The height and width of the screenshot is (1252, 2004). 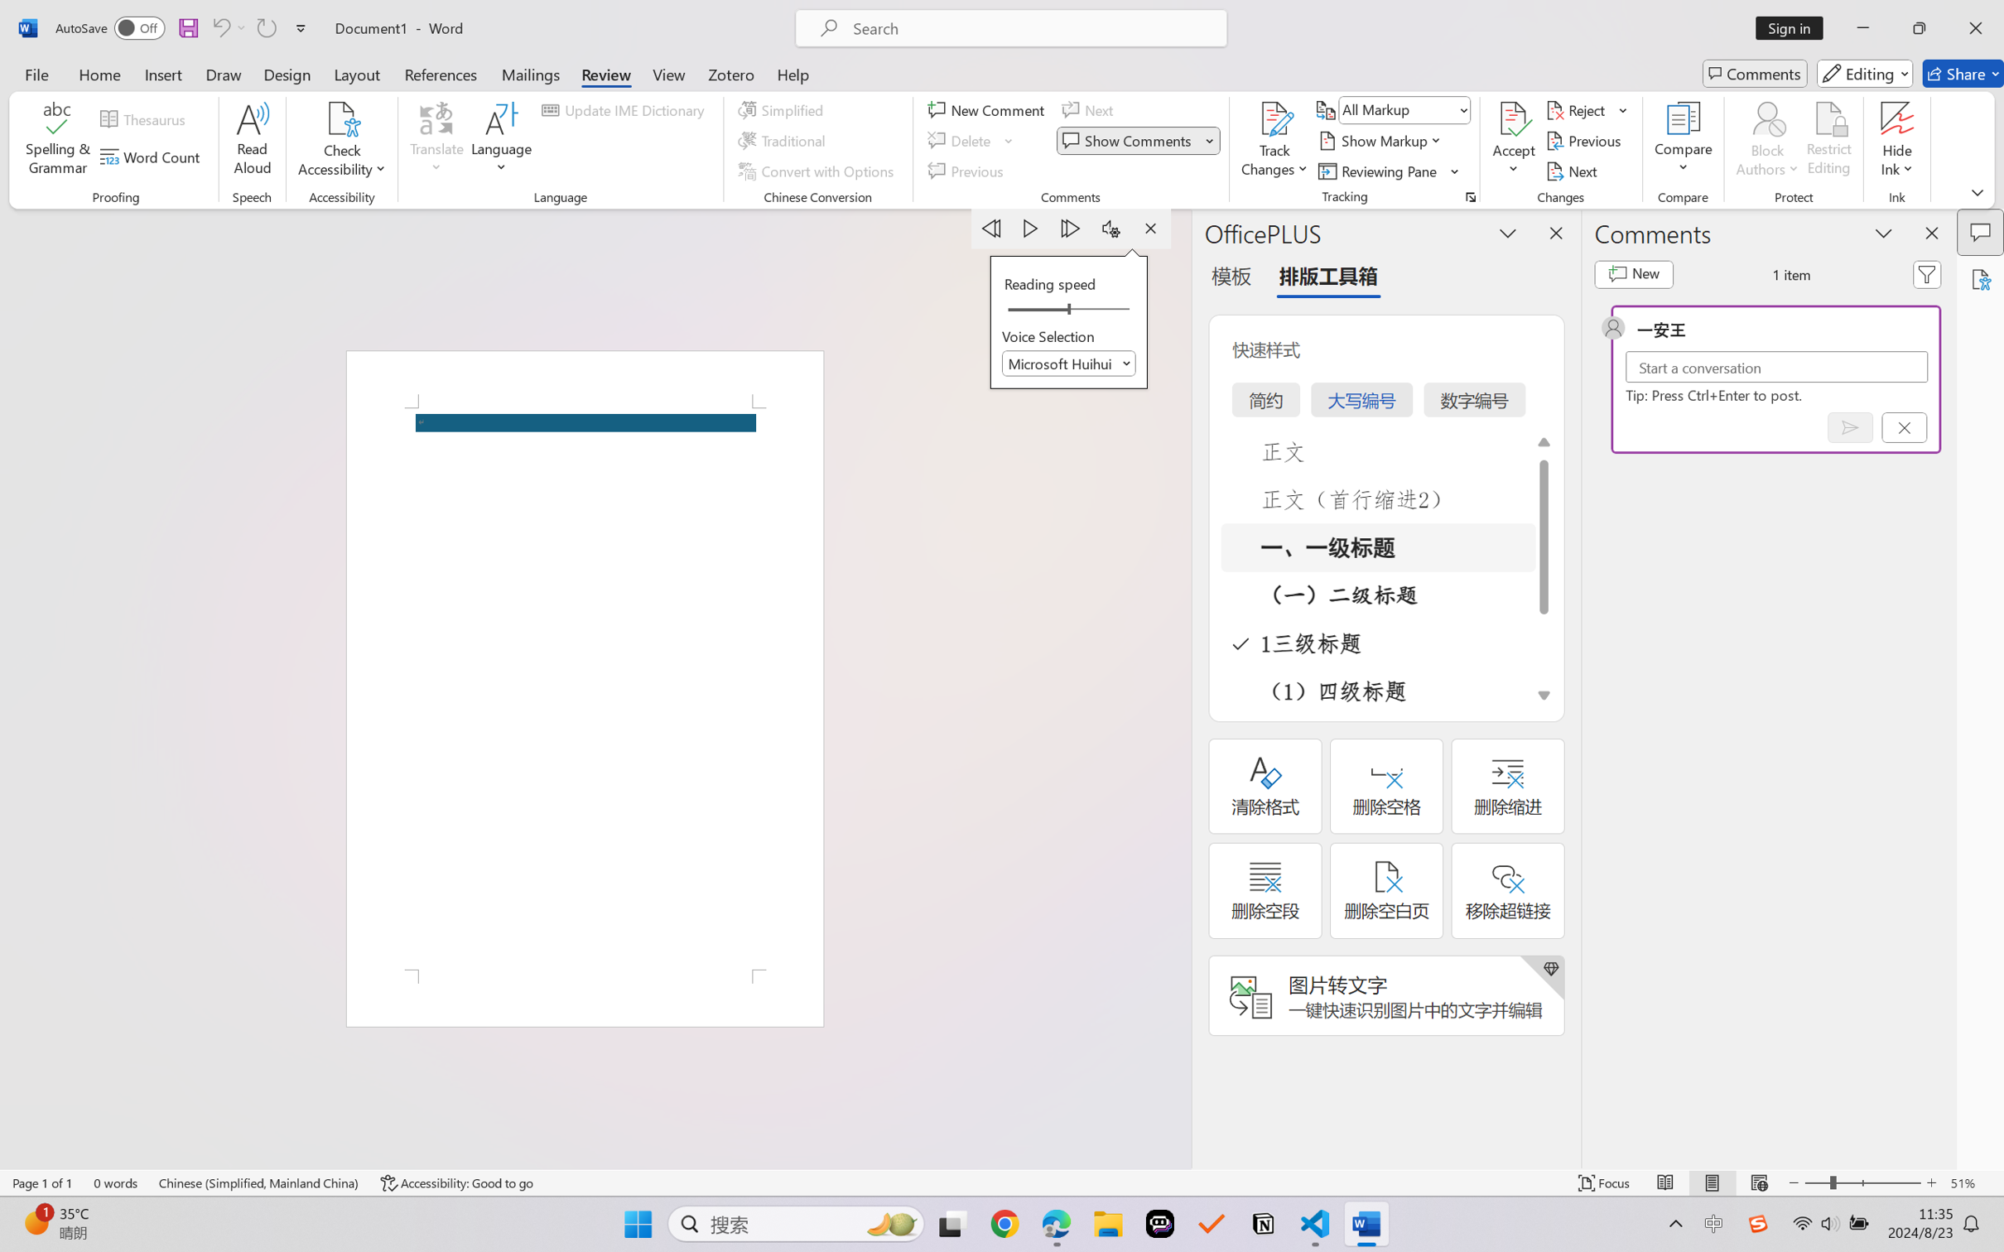 What do you see at coordinates (782, 108) in the screenshot?
I see `'Simplified'` at bounding box center [782, 108].